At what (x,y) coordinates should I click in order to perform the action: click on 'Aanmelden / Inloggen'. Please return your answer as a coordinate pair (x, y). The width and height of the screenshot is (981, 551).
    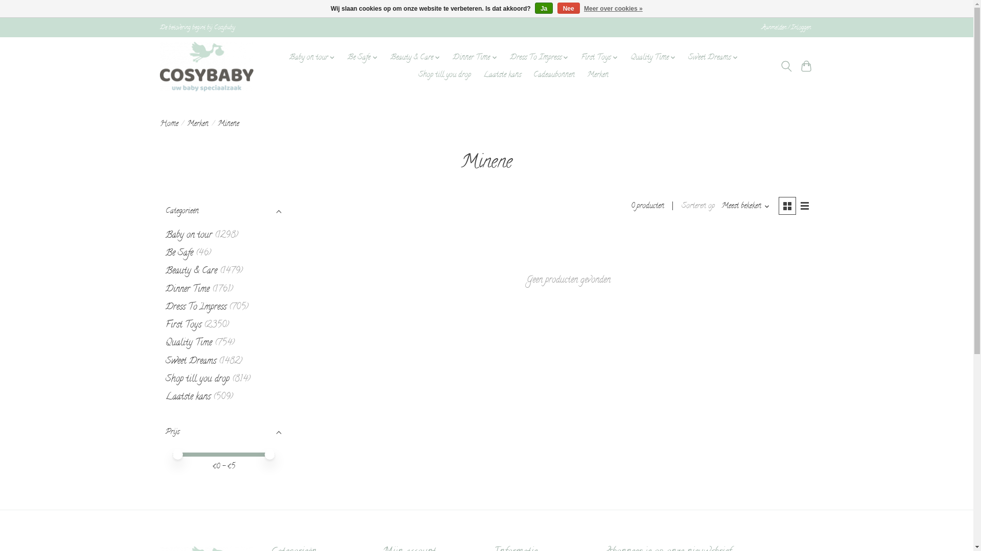
    Looking at the image, I should click on (785, 27).